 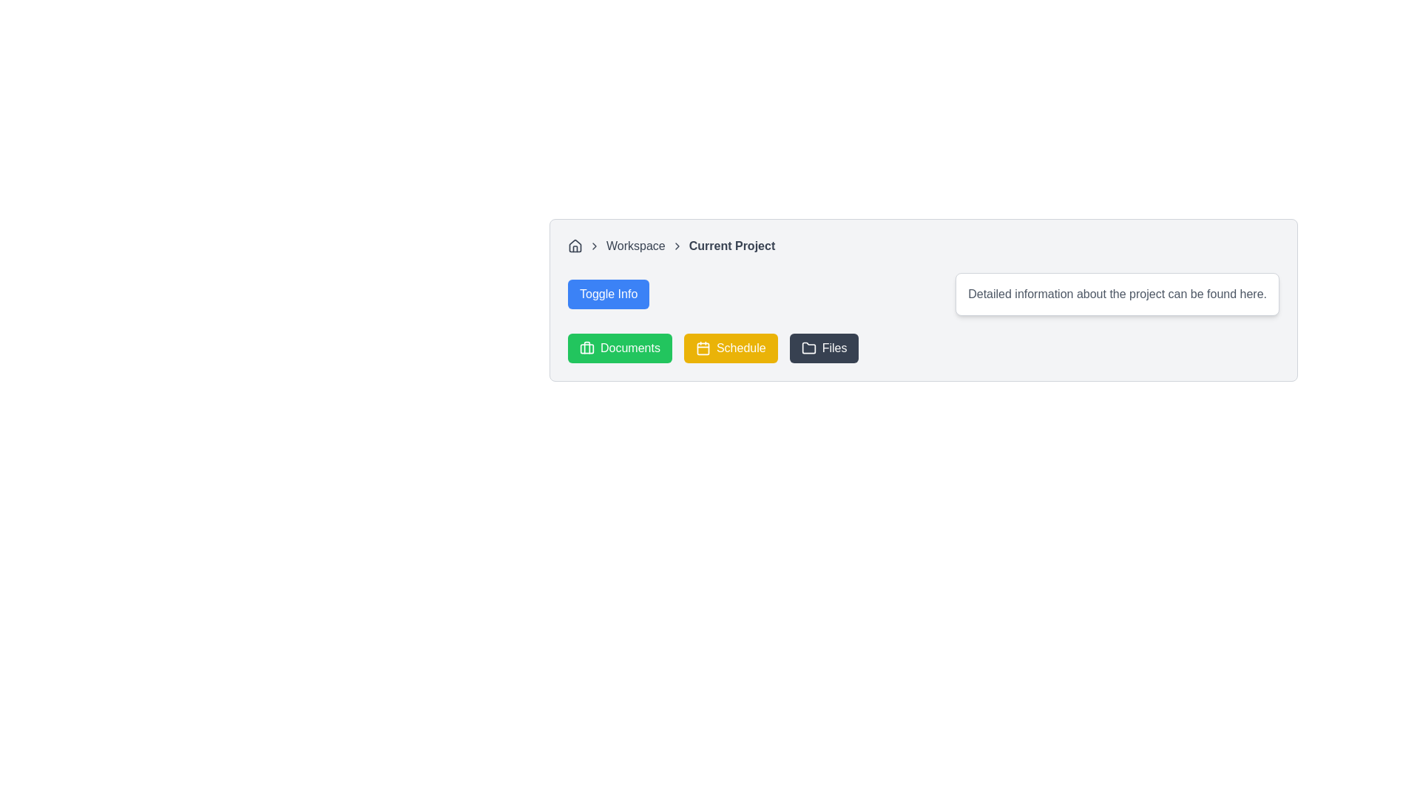 What do you see at coordinates (731, 348) in the screenshot?
I see `the middle scheduling button located` at bounding box center [731, 348].